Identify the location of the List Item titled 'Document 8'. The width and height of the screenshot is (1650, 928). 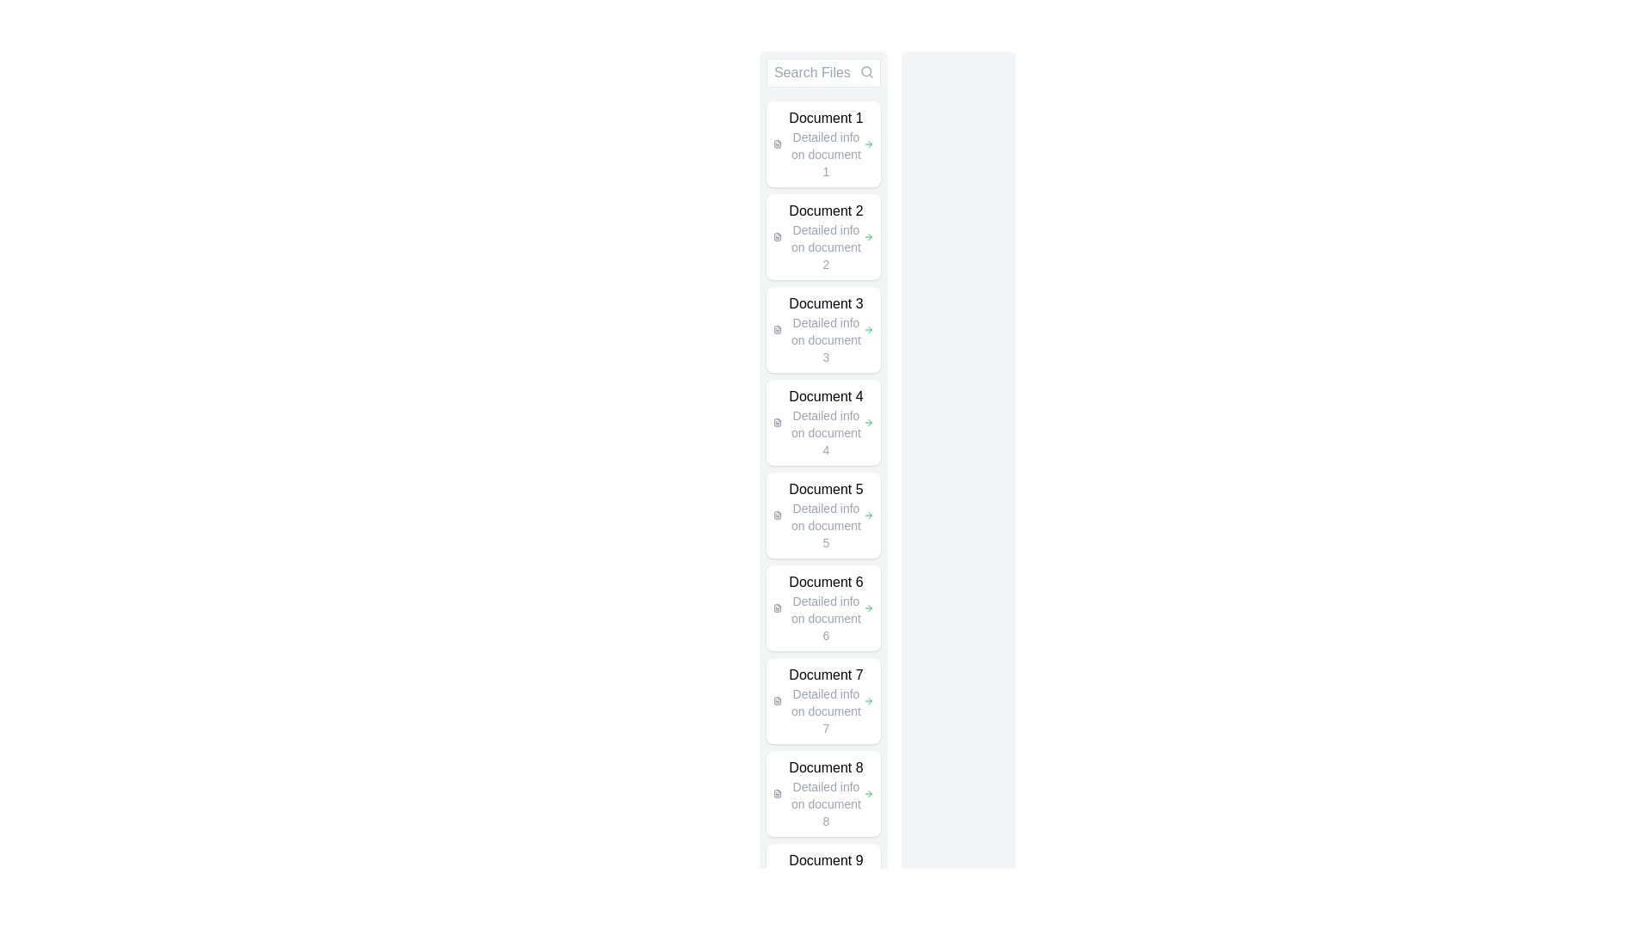
(822, 794).